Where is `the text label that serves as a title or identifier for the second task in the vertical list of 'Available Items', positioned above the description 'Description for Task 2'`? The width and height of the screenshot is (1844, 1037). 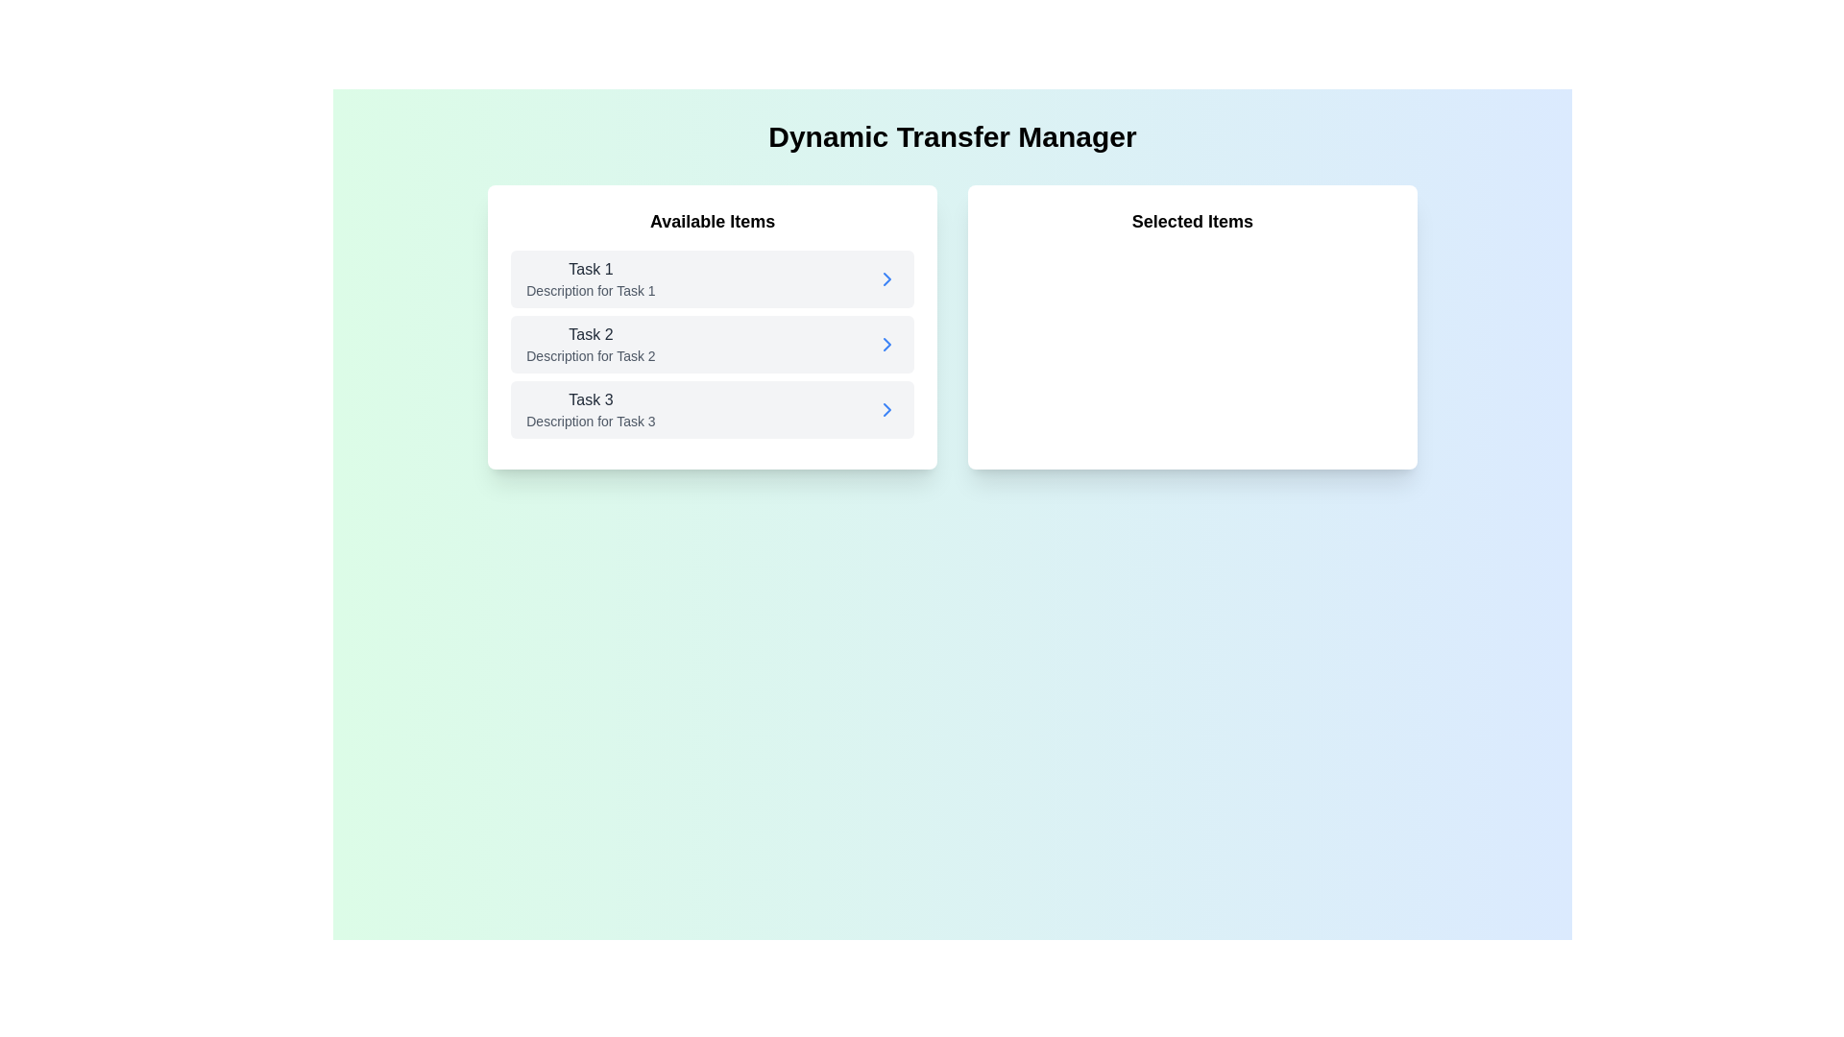 the text label that serves as a title or identifier for the second task in the vertical list of 'Available Items', positioned above the description 'Description for Task 2' is located at coordinates (590, 333).